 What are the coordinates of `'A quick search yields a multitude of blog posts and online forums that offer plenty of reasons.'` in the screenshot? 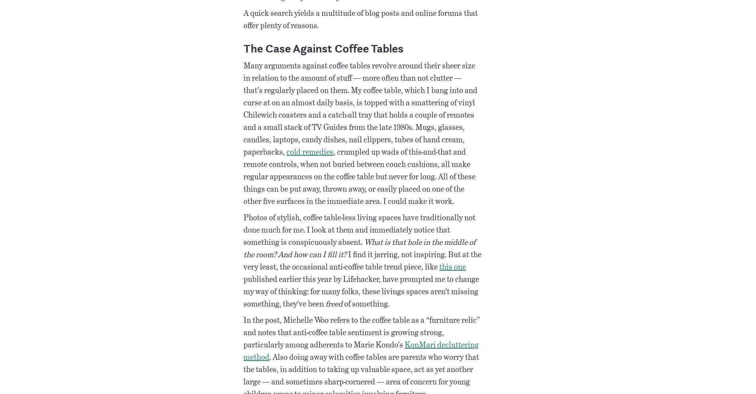 It's located at (243, 19).